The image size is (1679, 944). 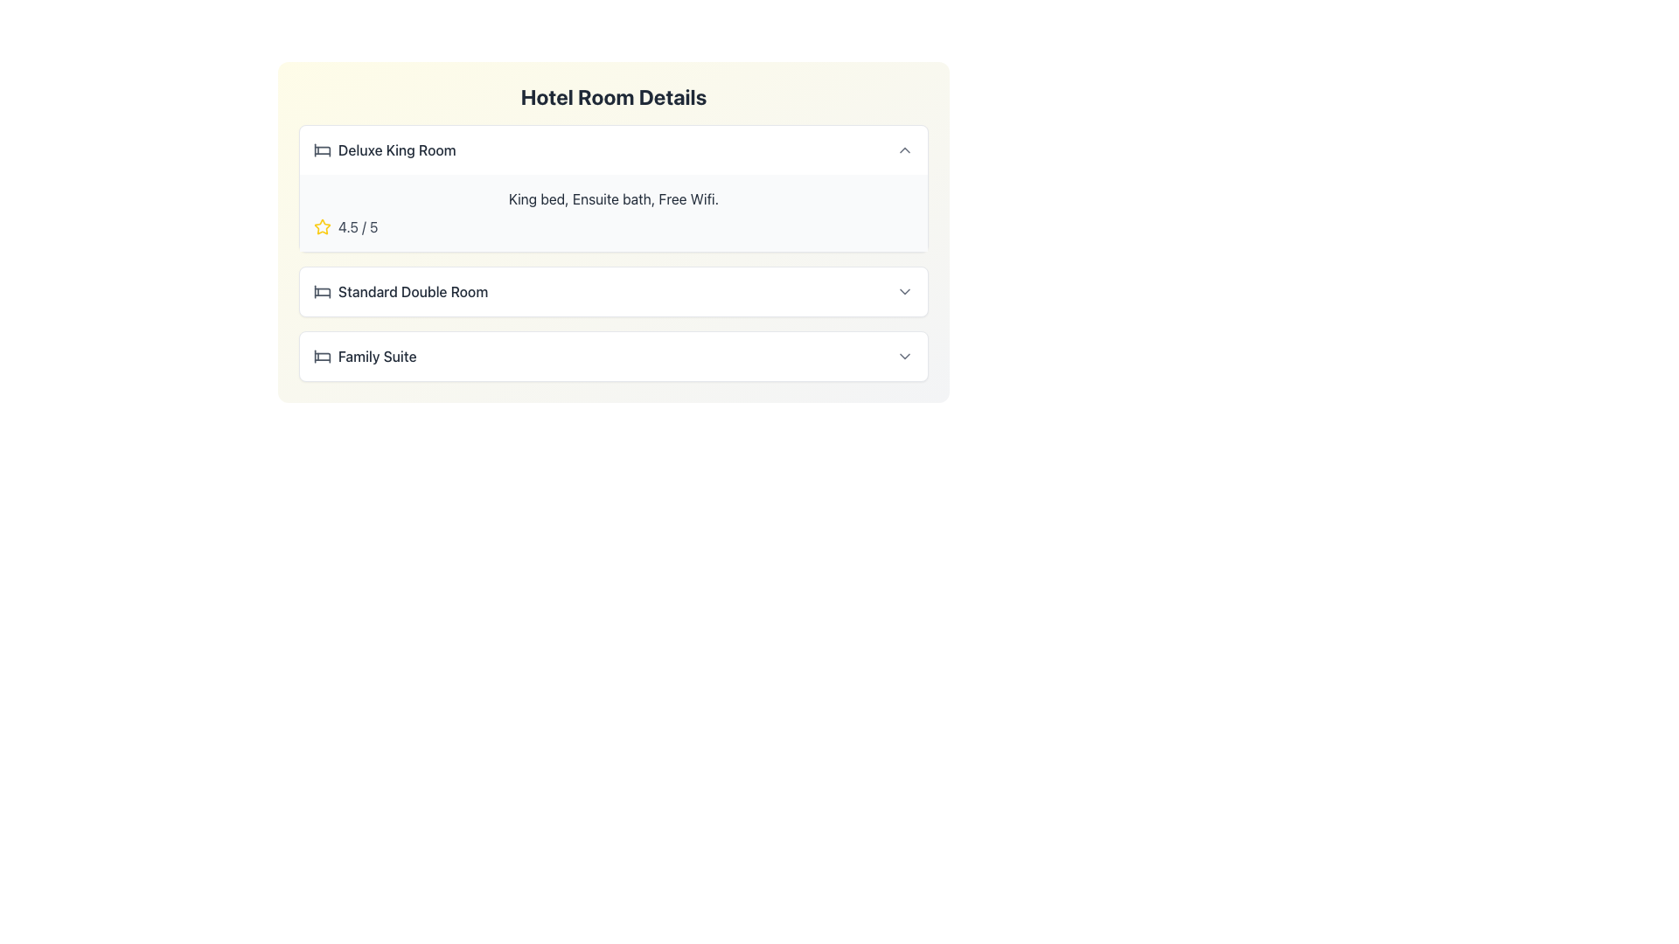 What do you see at coordinates (613, 291) in the screenshot?
I see `the selector for the 'Standard Double Room' option, which is the second item in the vertical list of room types` at bounding box center [613, 291].